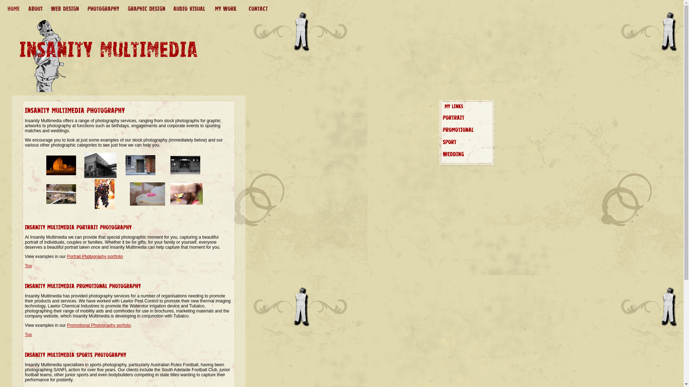 Image resolution: width=689 pixels, height=387 pixels. Describe the element at coordinates (100, 177) in the screenshot. I see `'Adelaide Woolstores'` at that location.